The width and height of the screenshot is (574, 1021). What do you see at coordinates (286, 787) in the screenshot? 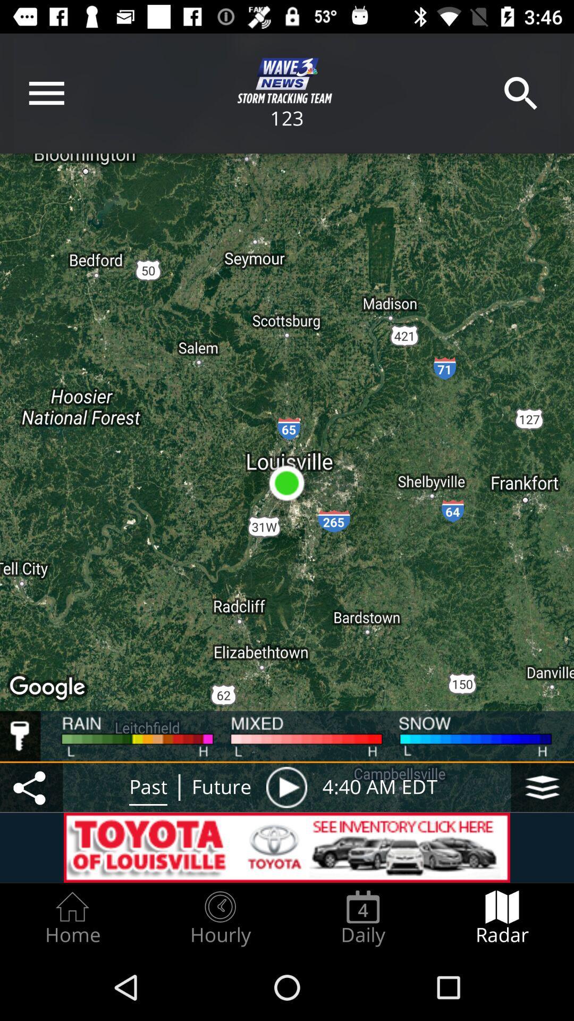
I see `item next to 4 40 am` at bounding box center [286, 787].